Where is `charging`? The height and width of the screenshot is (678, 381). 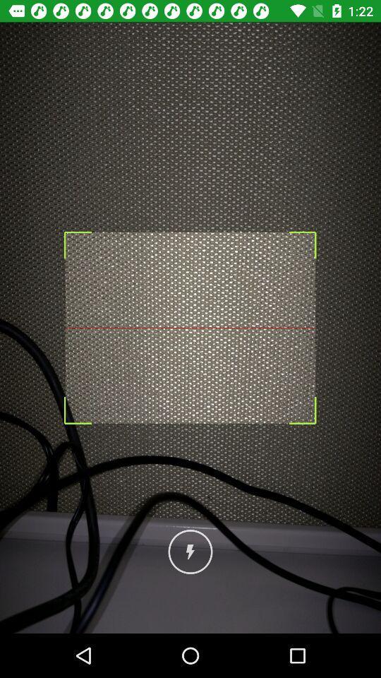 charging is located at coordinates (190, 552).